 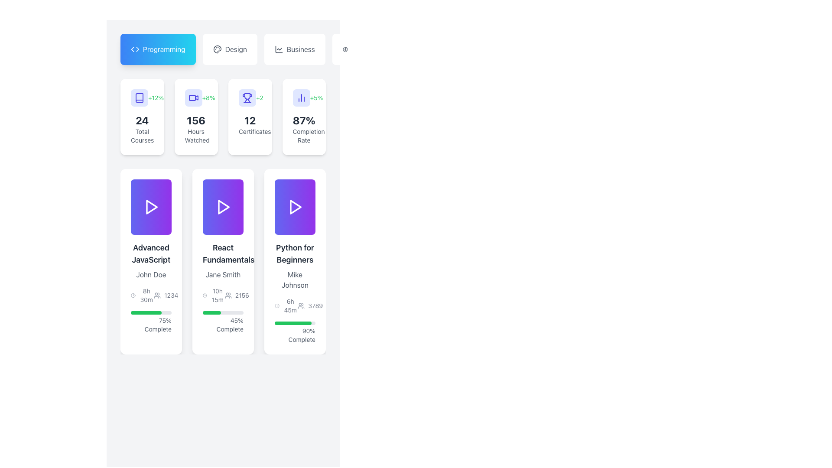 What do you see at coordinates (151, 274) in the screenshot?
I see `the Text Label displaying the instructor's name, which is located below the course title 'Advanced JavaScript' and above the details such as duration and participants` at bounding box center [151, 274].